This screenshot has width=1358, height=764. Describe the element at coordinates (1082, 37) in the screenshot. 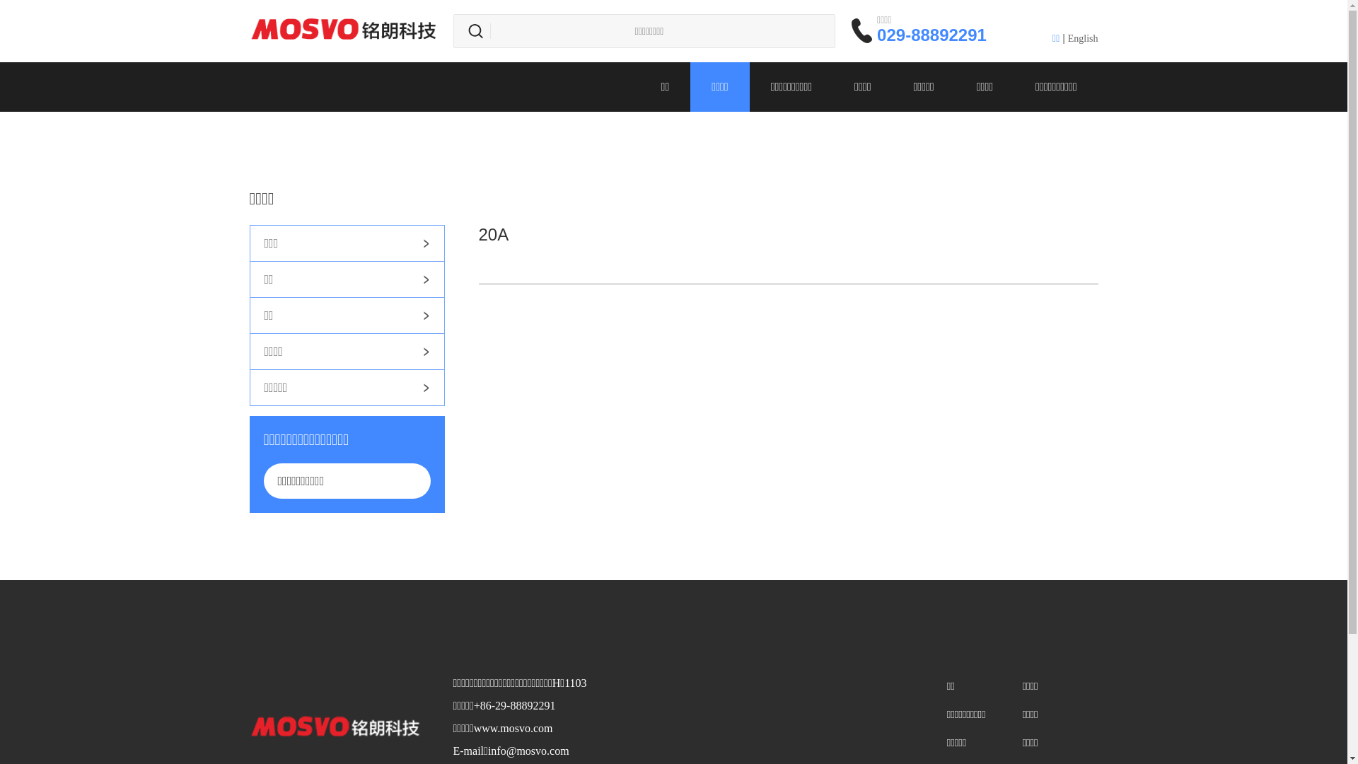

I see `'English'` at that location.